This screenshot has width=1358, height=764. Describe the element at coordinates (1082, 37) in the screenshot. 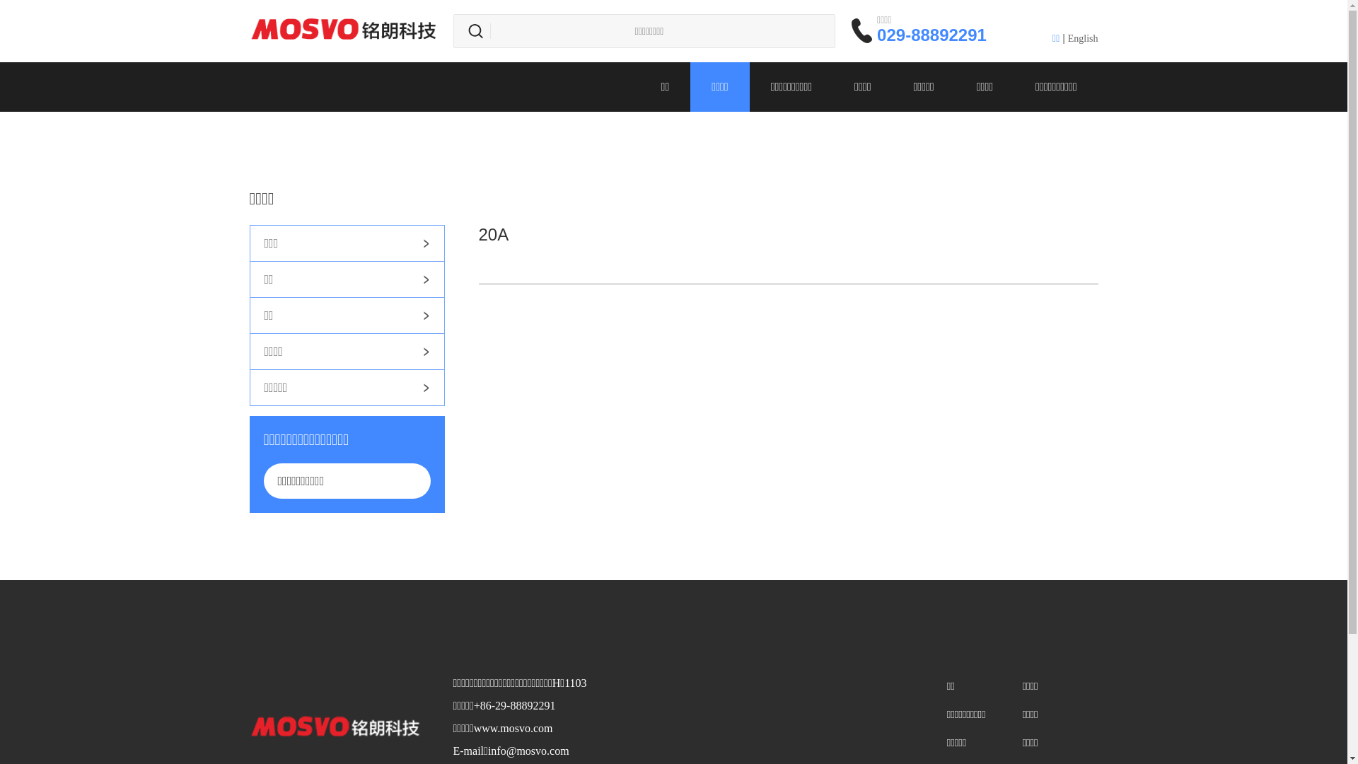

I see `'English'` at that location.